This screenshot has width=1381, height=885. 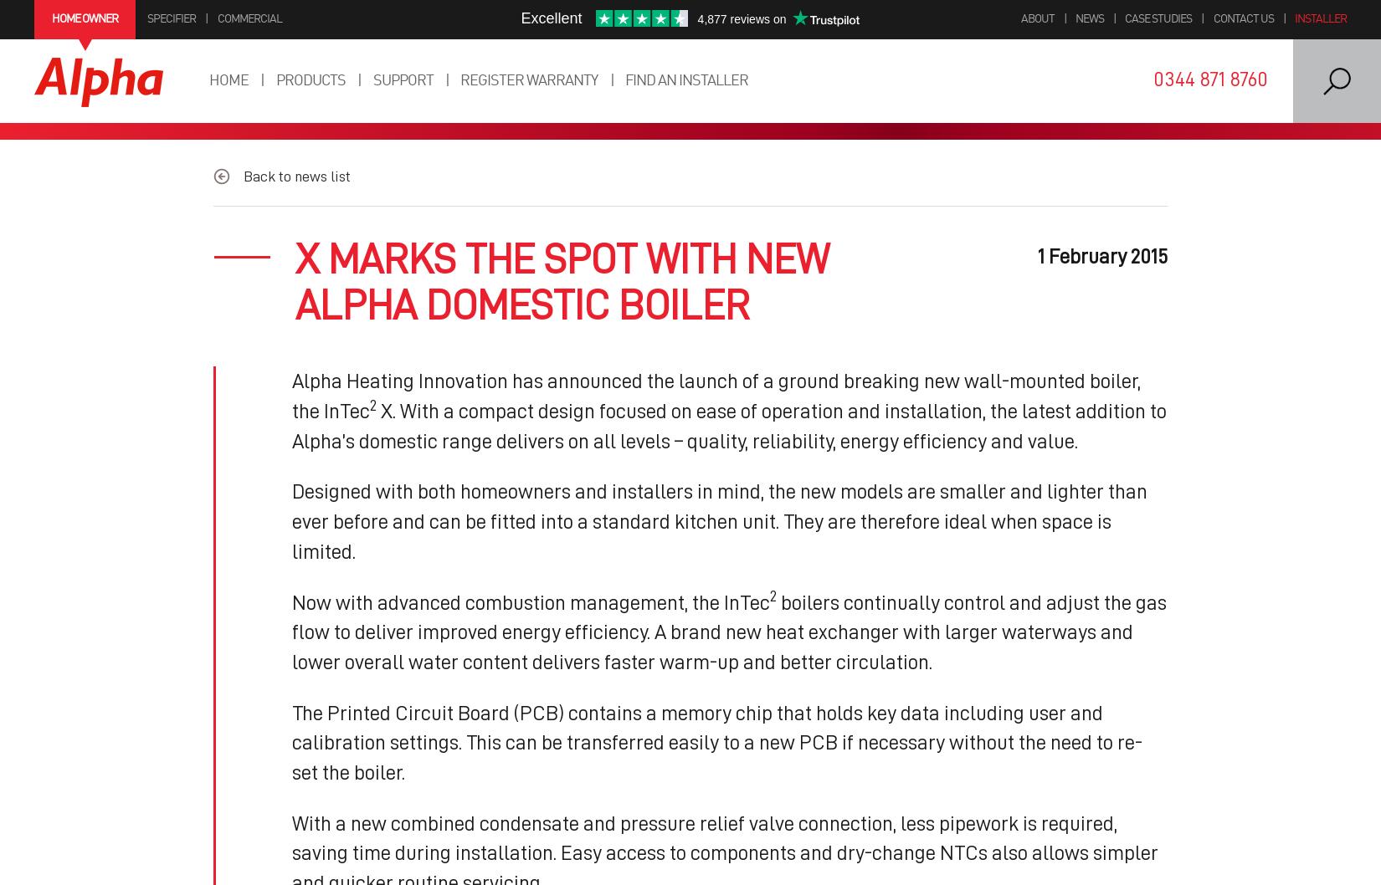 I want to click on 'boilers continually control and adjust the gas flow to deliver improved energy efficiency. A brand new heat exchanger with larger waterways and lower overall water content delivers faster warm-up and better circulation.', so click(x=729, y=631).